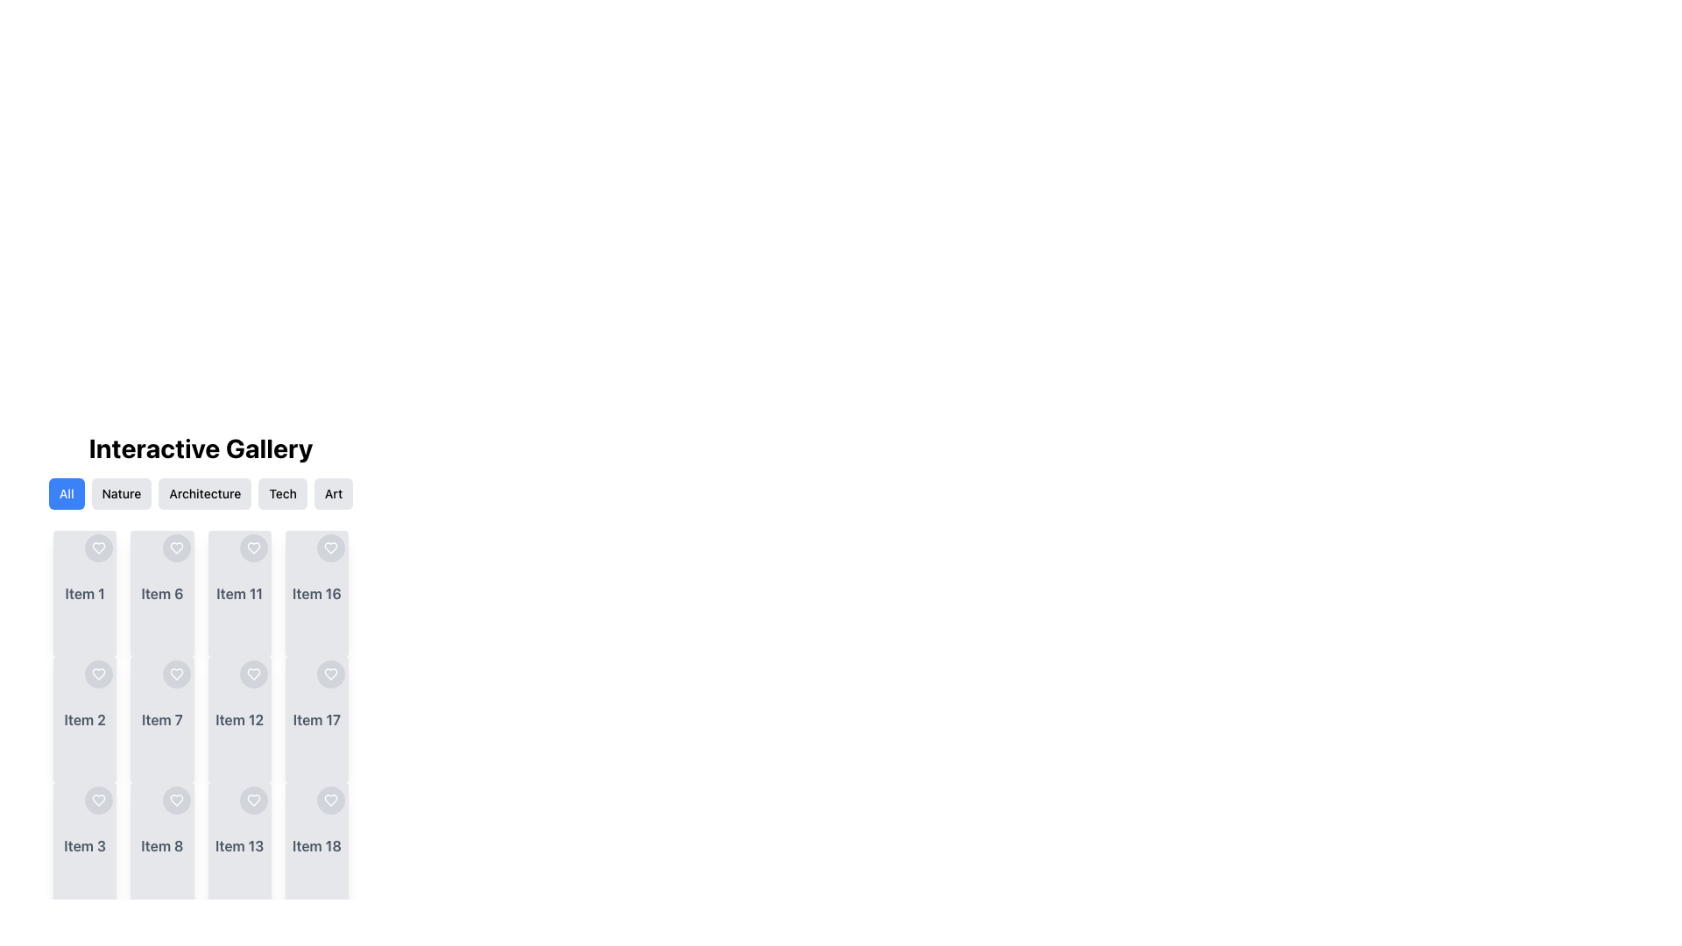 This screenshot has height=946, width=1682. What do you see at coordinates (252, 674) in the screenshot?
I see `the 'favorite' button for Item 12 in the gallery to navigate` at bounding box center [252, 674].